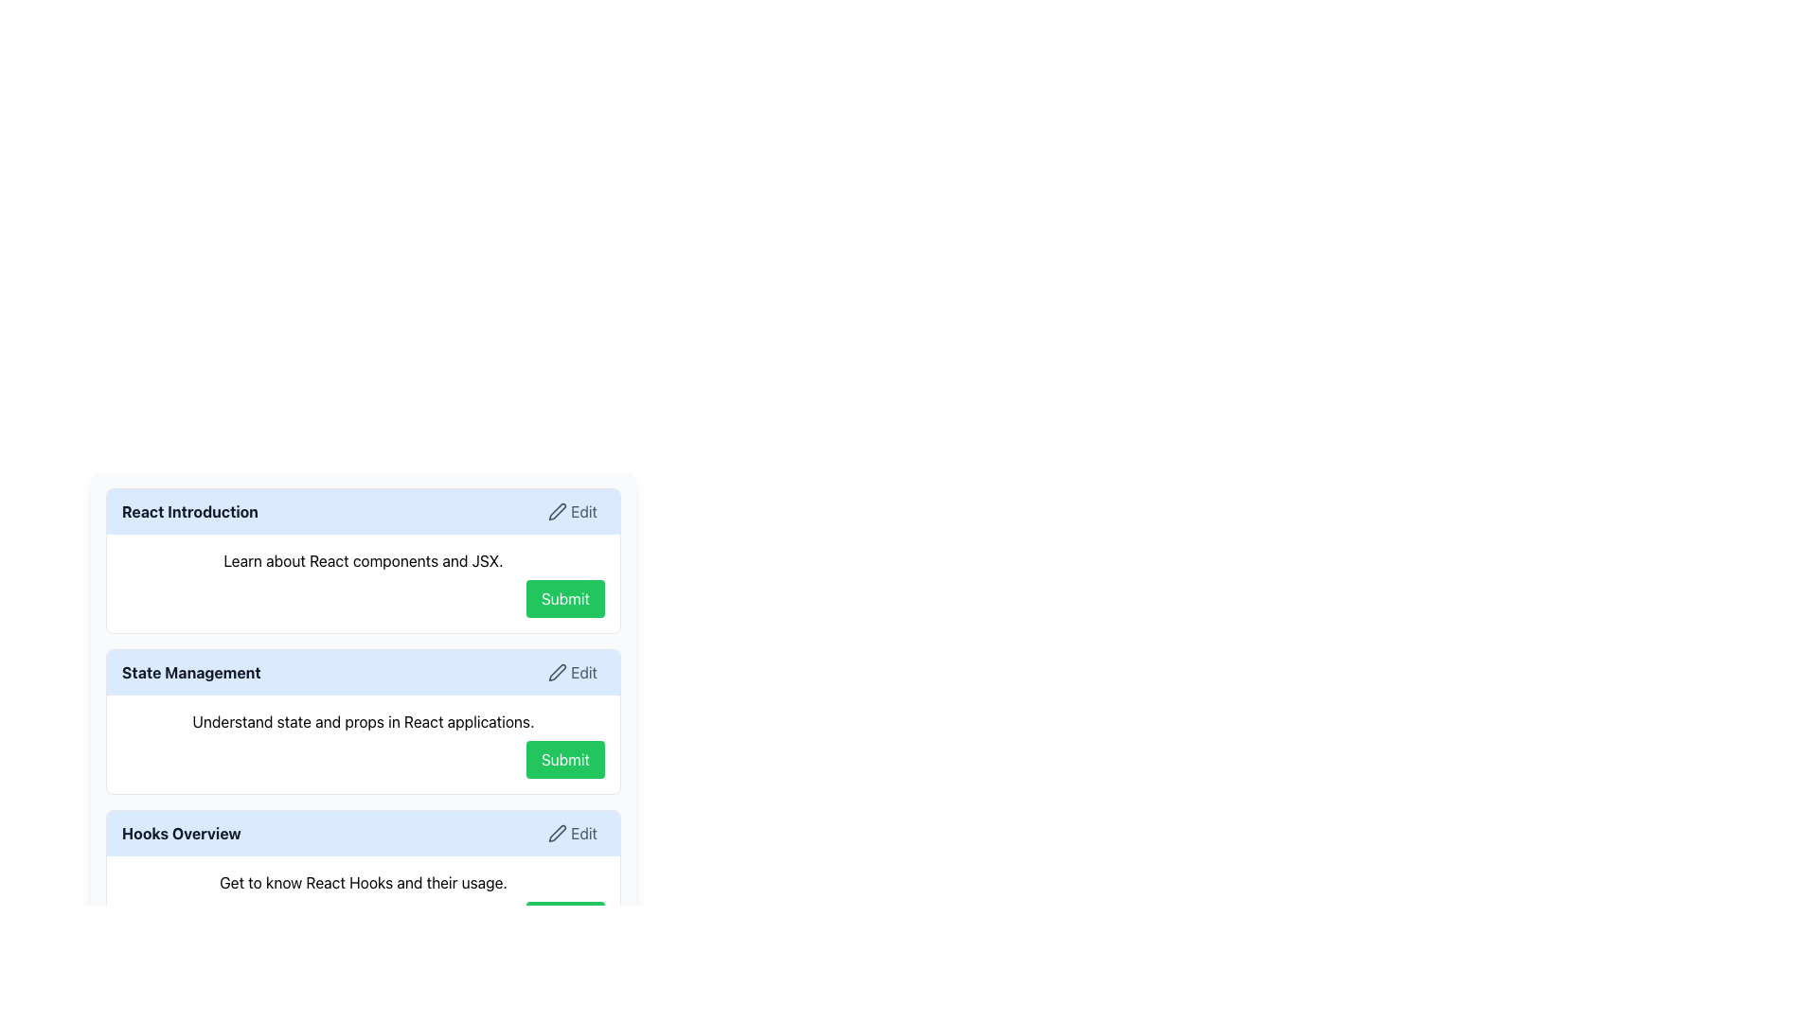  What do you see at coordinates (571, 511) in the screenshot?
I see `the 'Edit' button with a pen icon located in the top-right corner of the 'React Introduction' section to change its background color to blue` at bounding box center [571, 511].